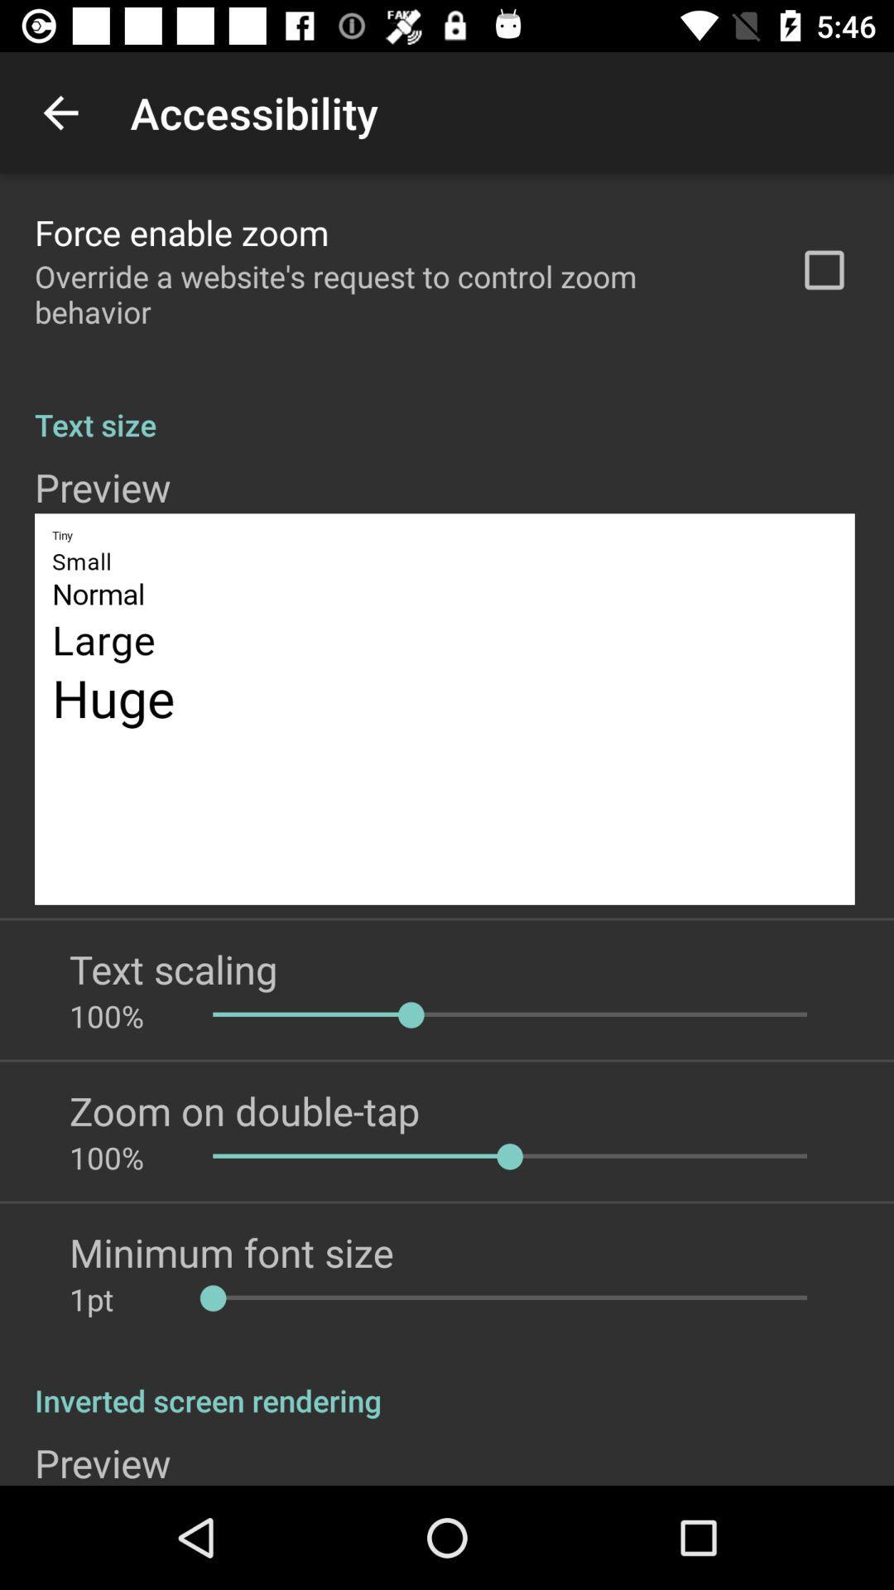 This screenshot has width=894, height=1590. I want to click on the text size, so click(447, 407).